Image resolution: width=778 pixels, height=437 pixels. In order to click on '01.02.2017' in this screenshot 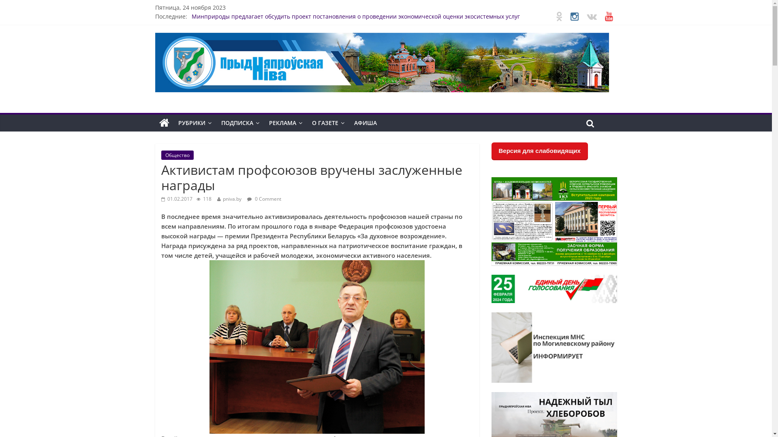, I will do `click(176, 198)`.